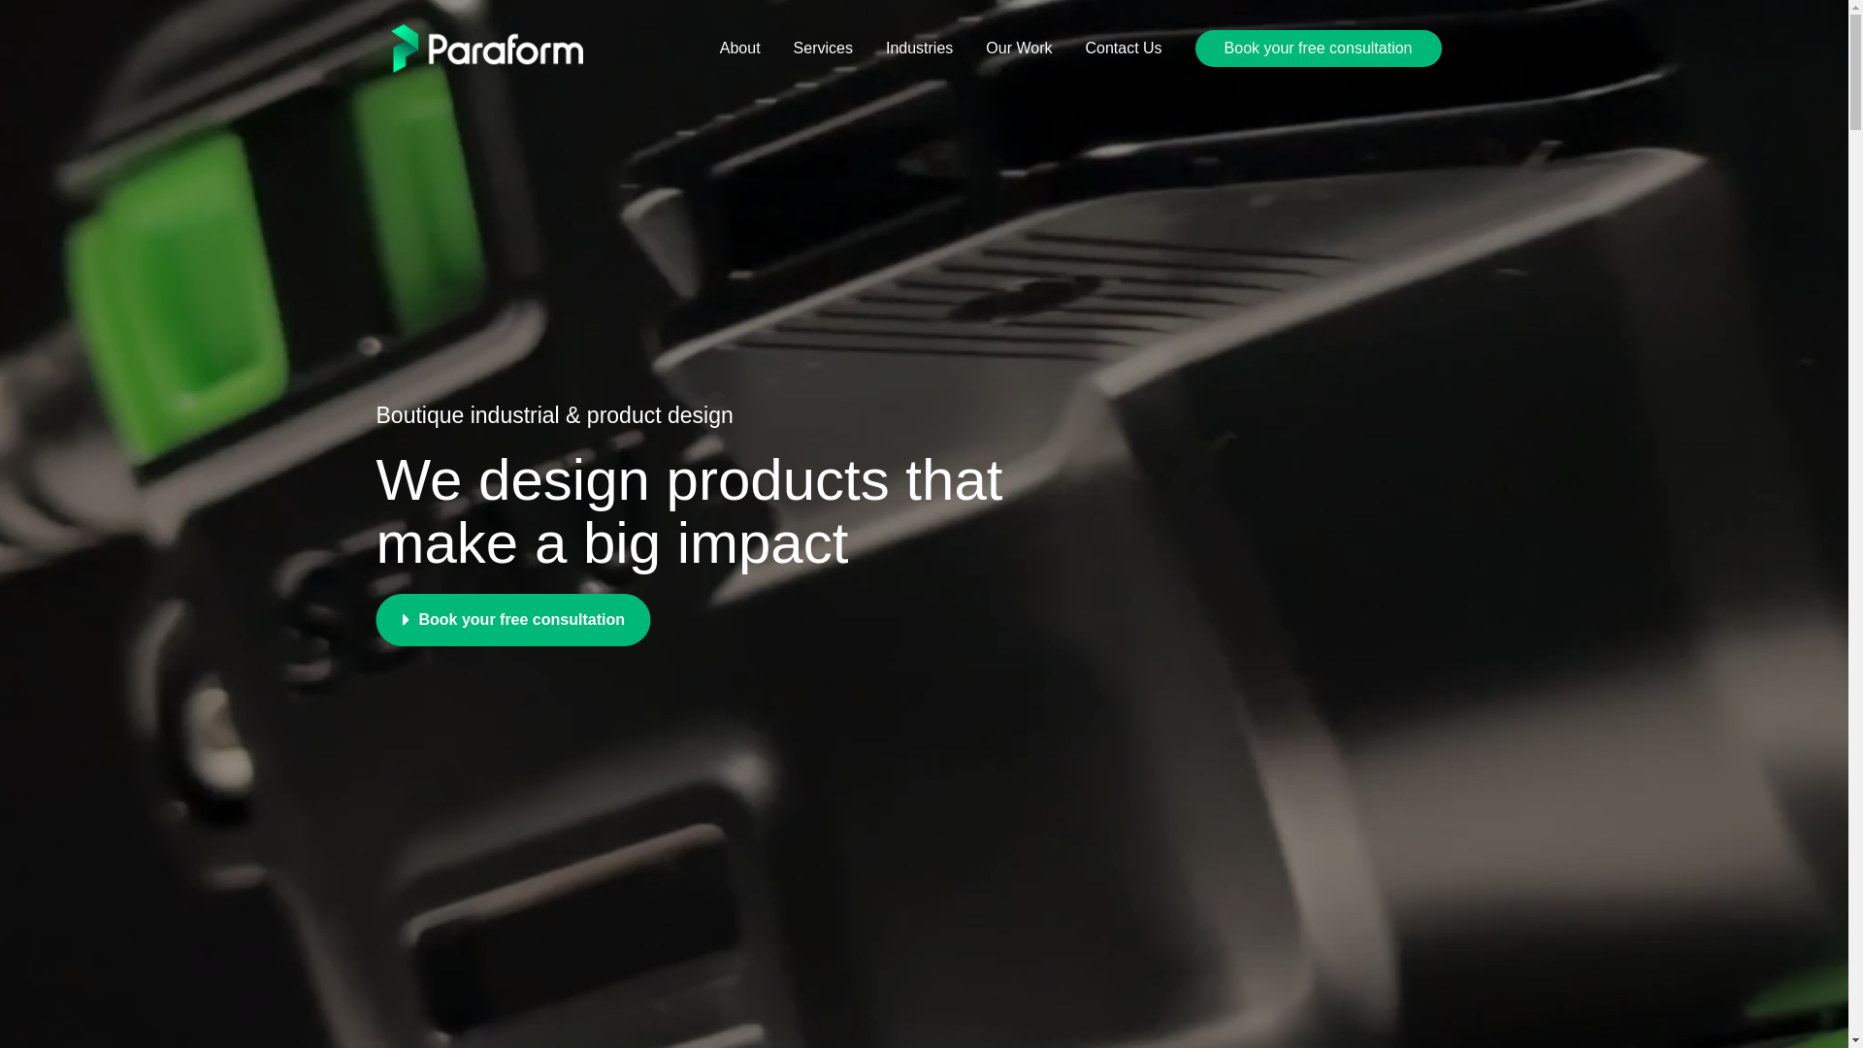 Image resolution: width=1863 pixels, height=1048 pixels. Describe the element at coordinates (739, 48) in the screenshot. I see `'About'` at that location.